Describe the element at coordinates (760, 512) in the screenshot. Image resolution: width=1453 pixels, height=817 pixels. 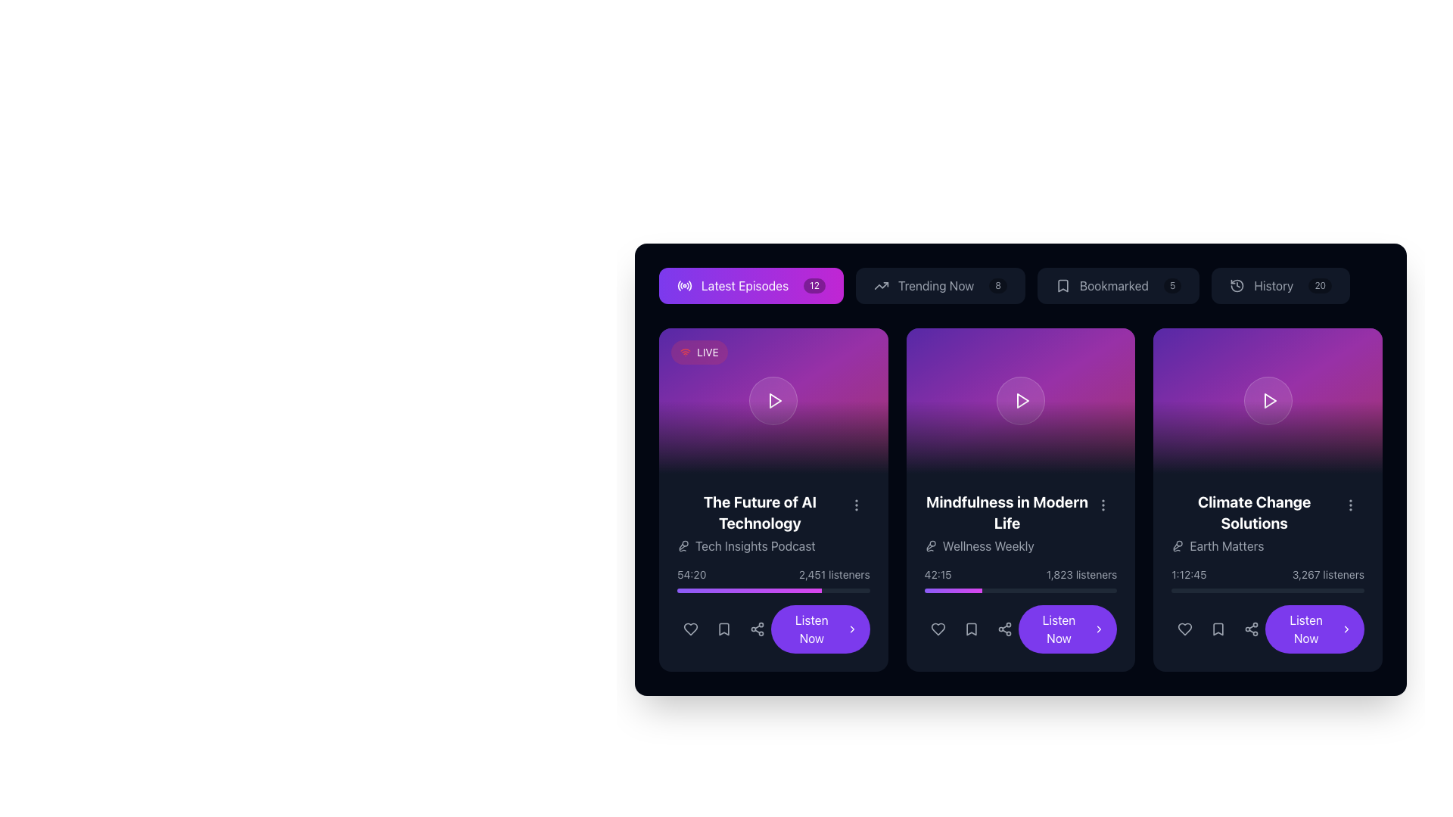
I see `the heading text of the podcast card, which is positioned at the top-left of the card layout` at that location.